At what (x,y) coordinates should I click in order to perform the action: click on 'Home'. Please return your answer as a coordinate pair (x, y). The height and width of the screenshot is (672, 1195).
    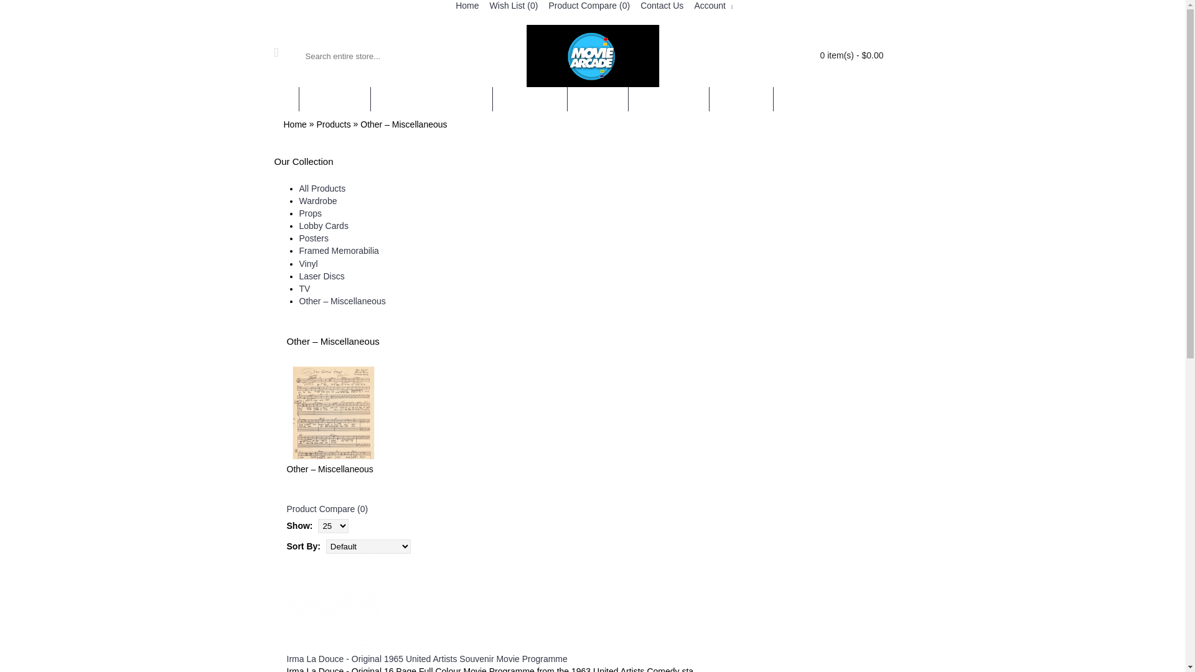
    Looking at the image, I should click on (294, 124).